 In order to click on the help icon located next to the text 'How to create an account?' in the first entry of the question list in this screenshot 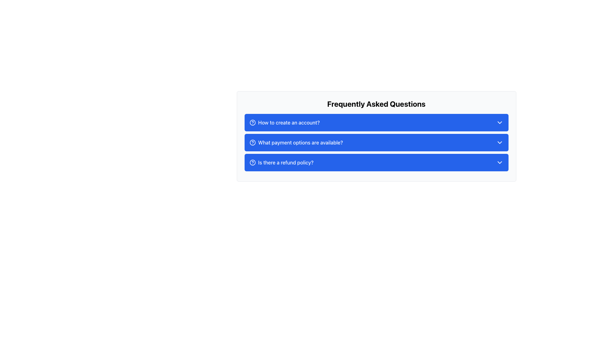, I will do `click(252, 123)`.